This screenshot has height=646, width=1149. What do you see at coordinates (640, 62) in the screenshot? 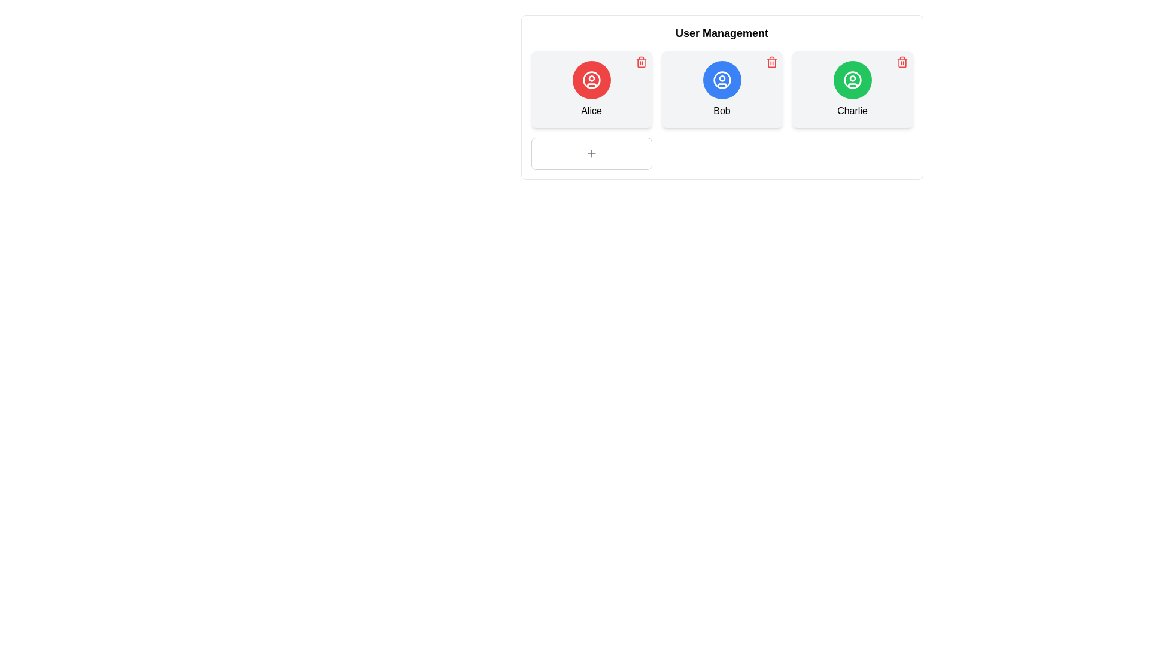
I see `the interactive trash bin icon in the top-right corner of the card labeled 'Alice' to potentially reveal additional information or a tooltip` at bounding box center [640, 62].